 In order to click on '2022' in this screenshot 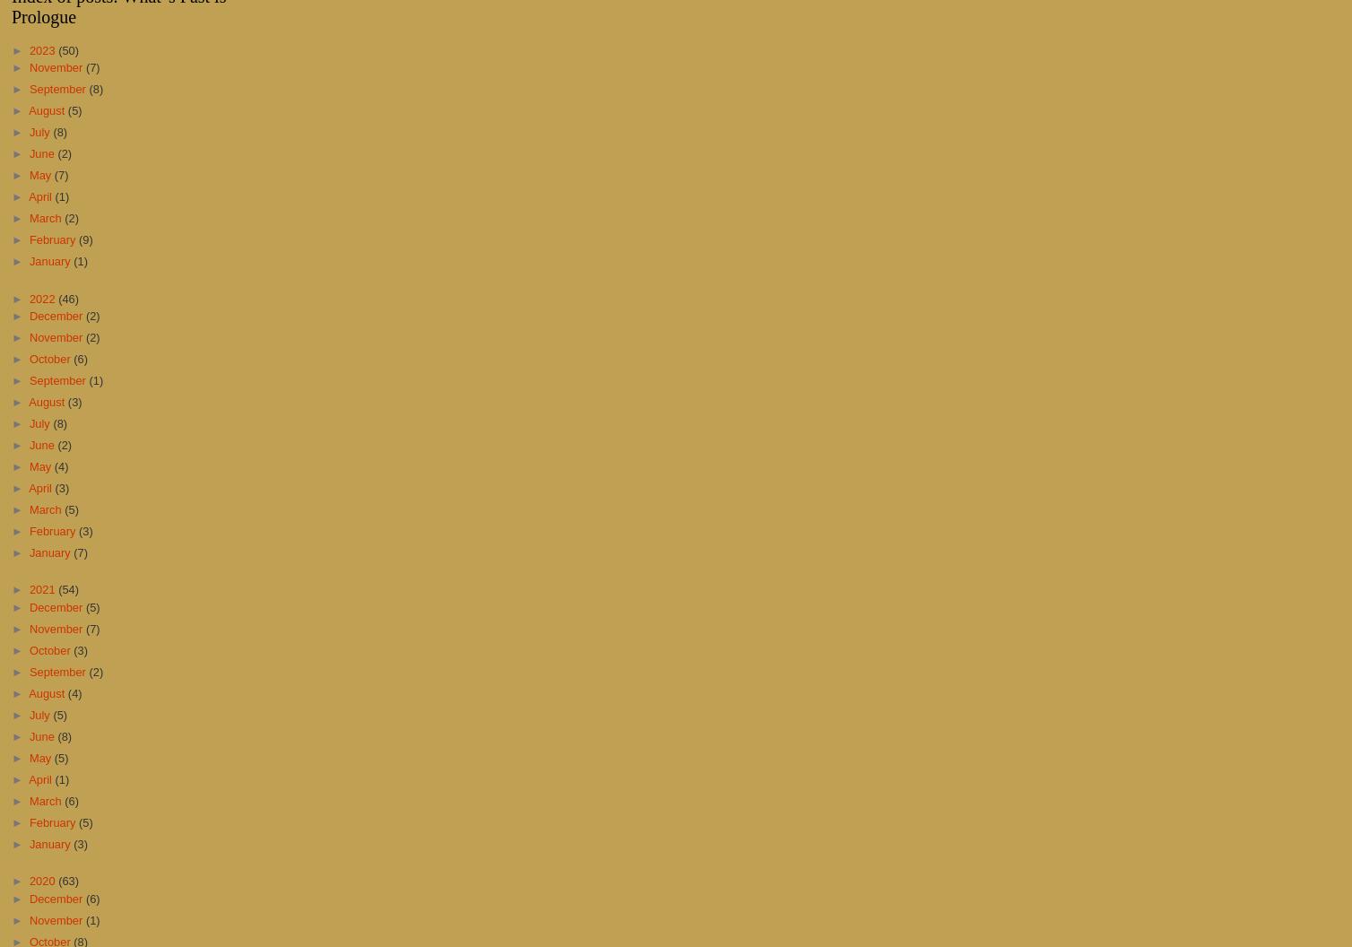, I will do `click(43, 297)`.